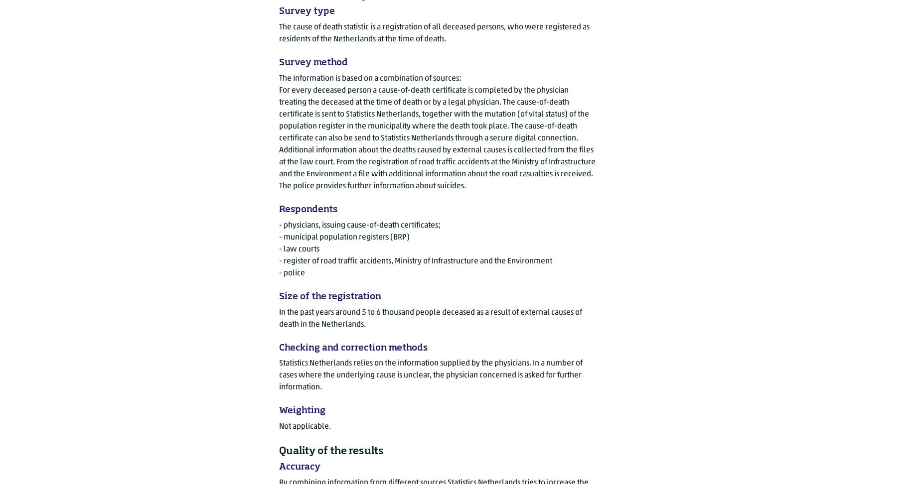 This screenshot has height=484, width=922. What do you see at coordinates (360, 224) in the screenshot?
I see `'- physicians, issuing cause-of-death certificates;'` at bounding box center [360, 224].